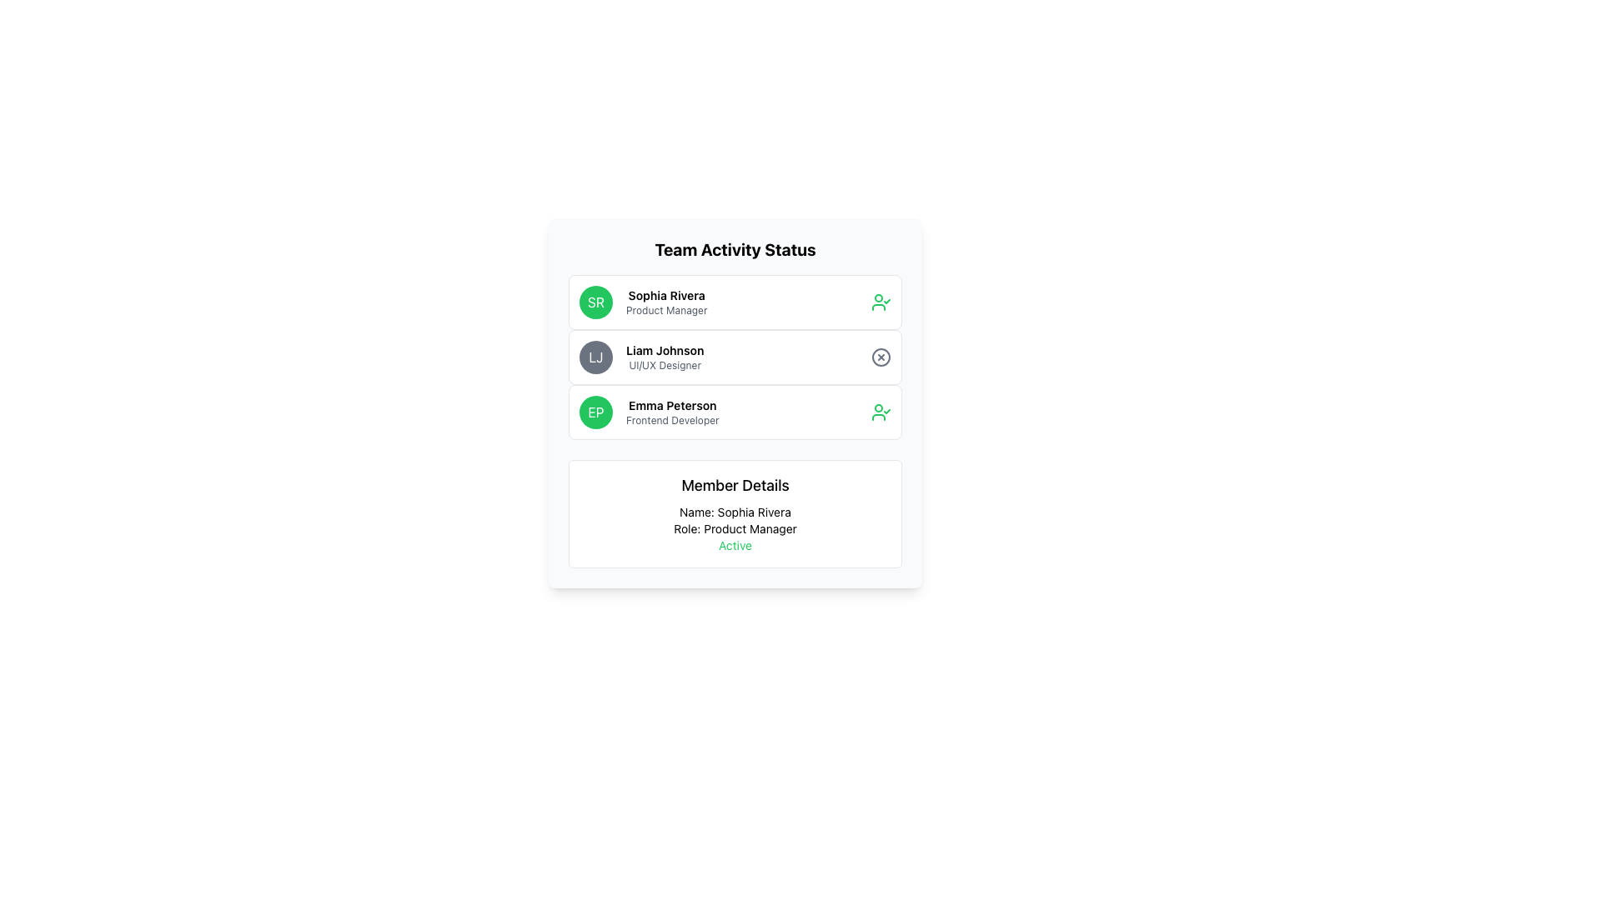 The height and width of the screenshot is (900, 1601). What do you see at coordinates (665, 311) in the screenshot?
I see `the text label indicating the job title of team member 'Sophia Rivera' in the team activity status section, located directly below the title and to the right of the circular avatar` at bounding box center [665, 311].